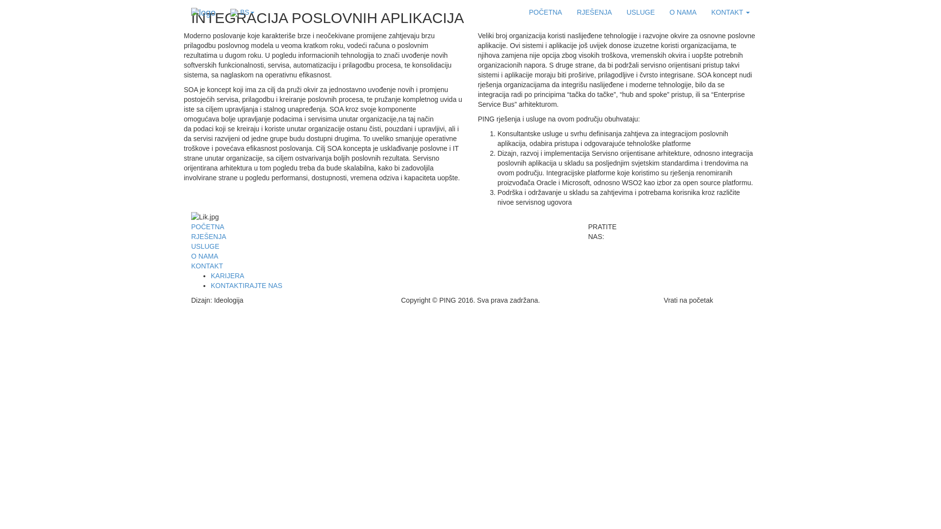 The width and height of the screenshot is (941, 529). I want to click on 'USLUGE', so click(204, 245).